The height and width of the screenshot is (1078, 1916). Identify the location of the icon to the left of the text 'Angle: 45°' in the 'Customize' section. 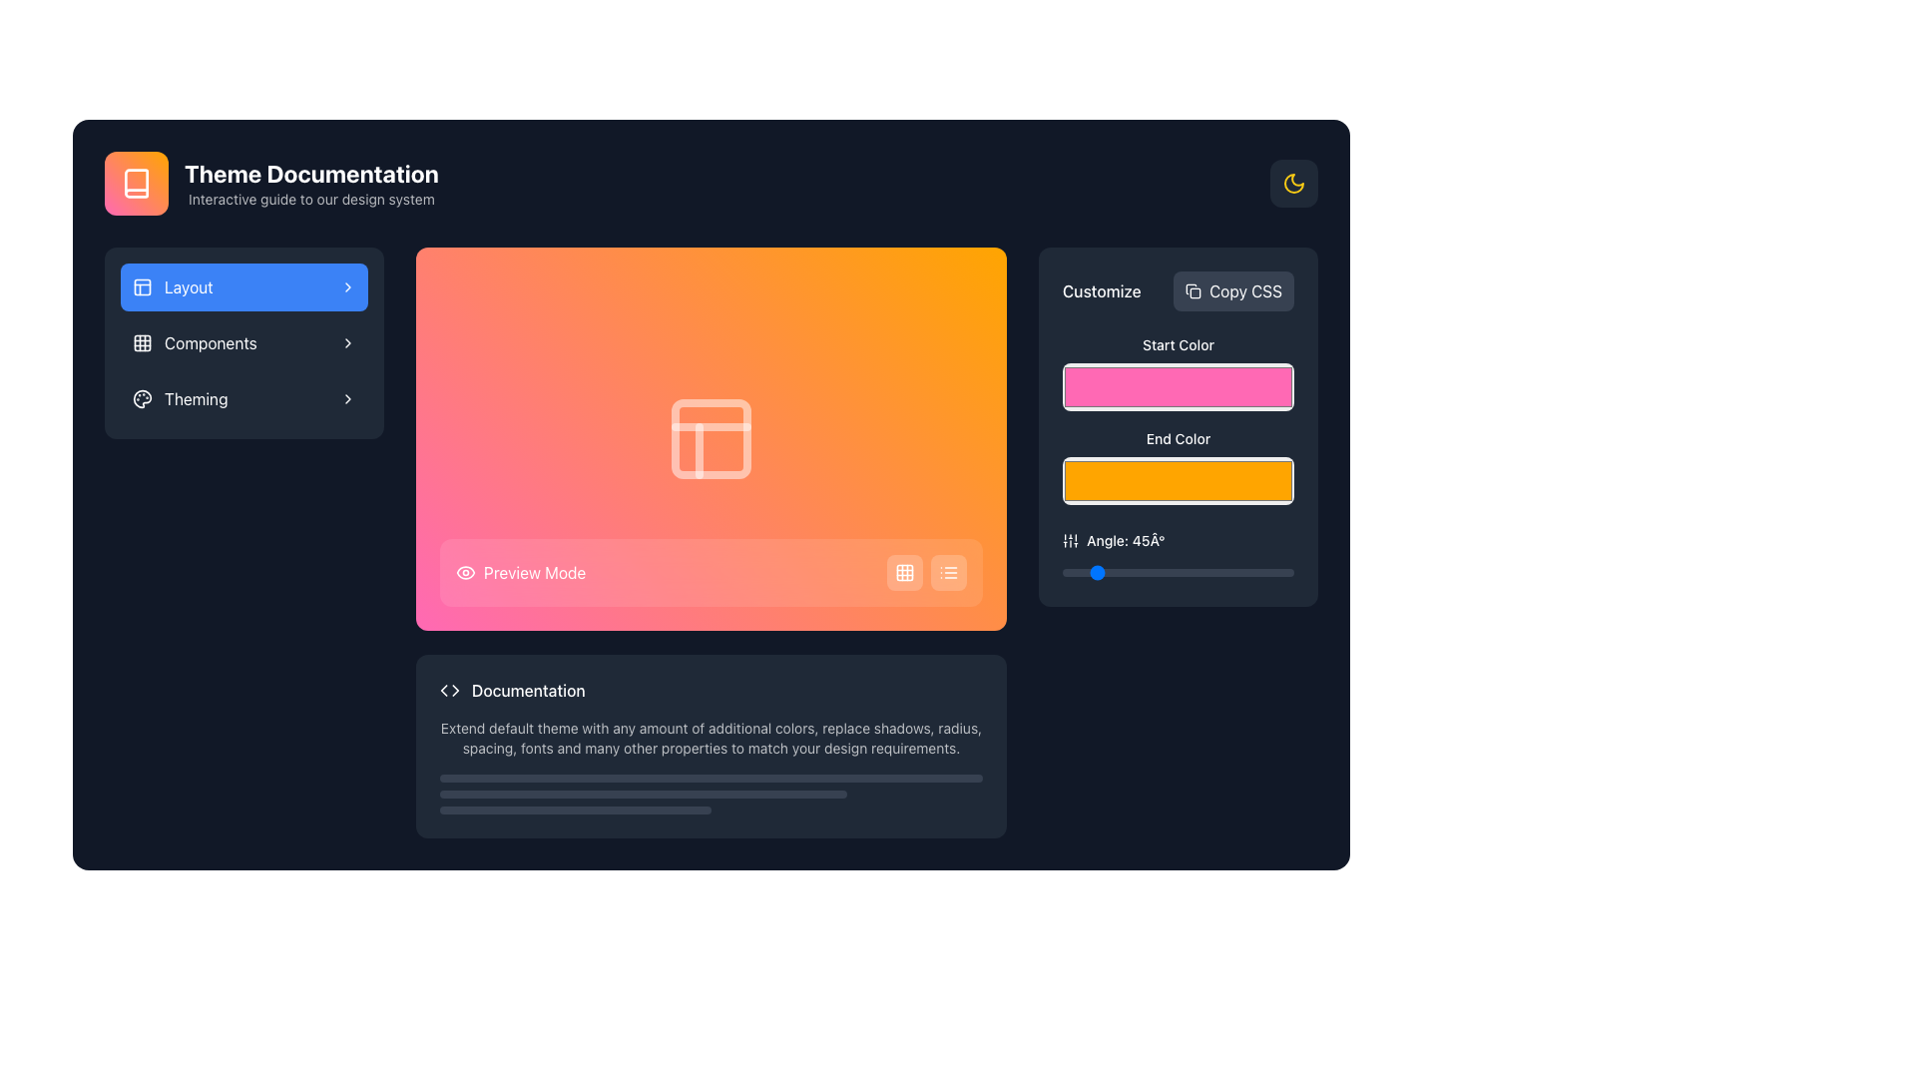
(1070, 541).